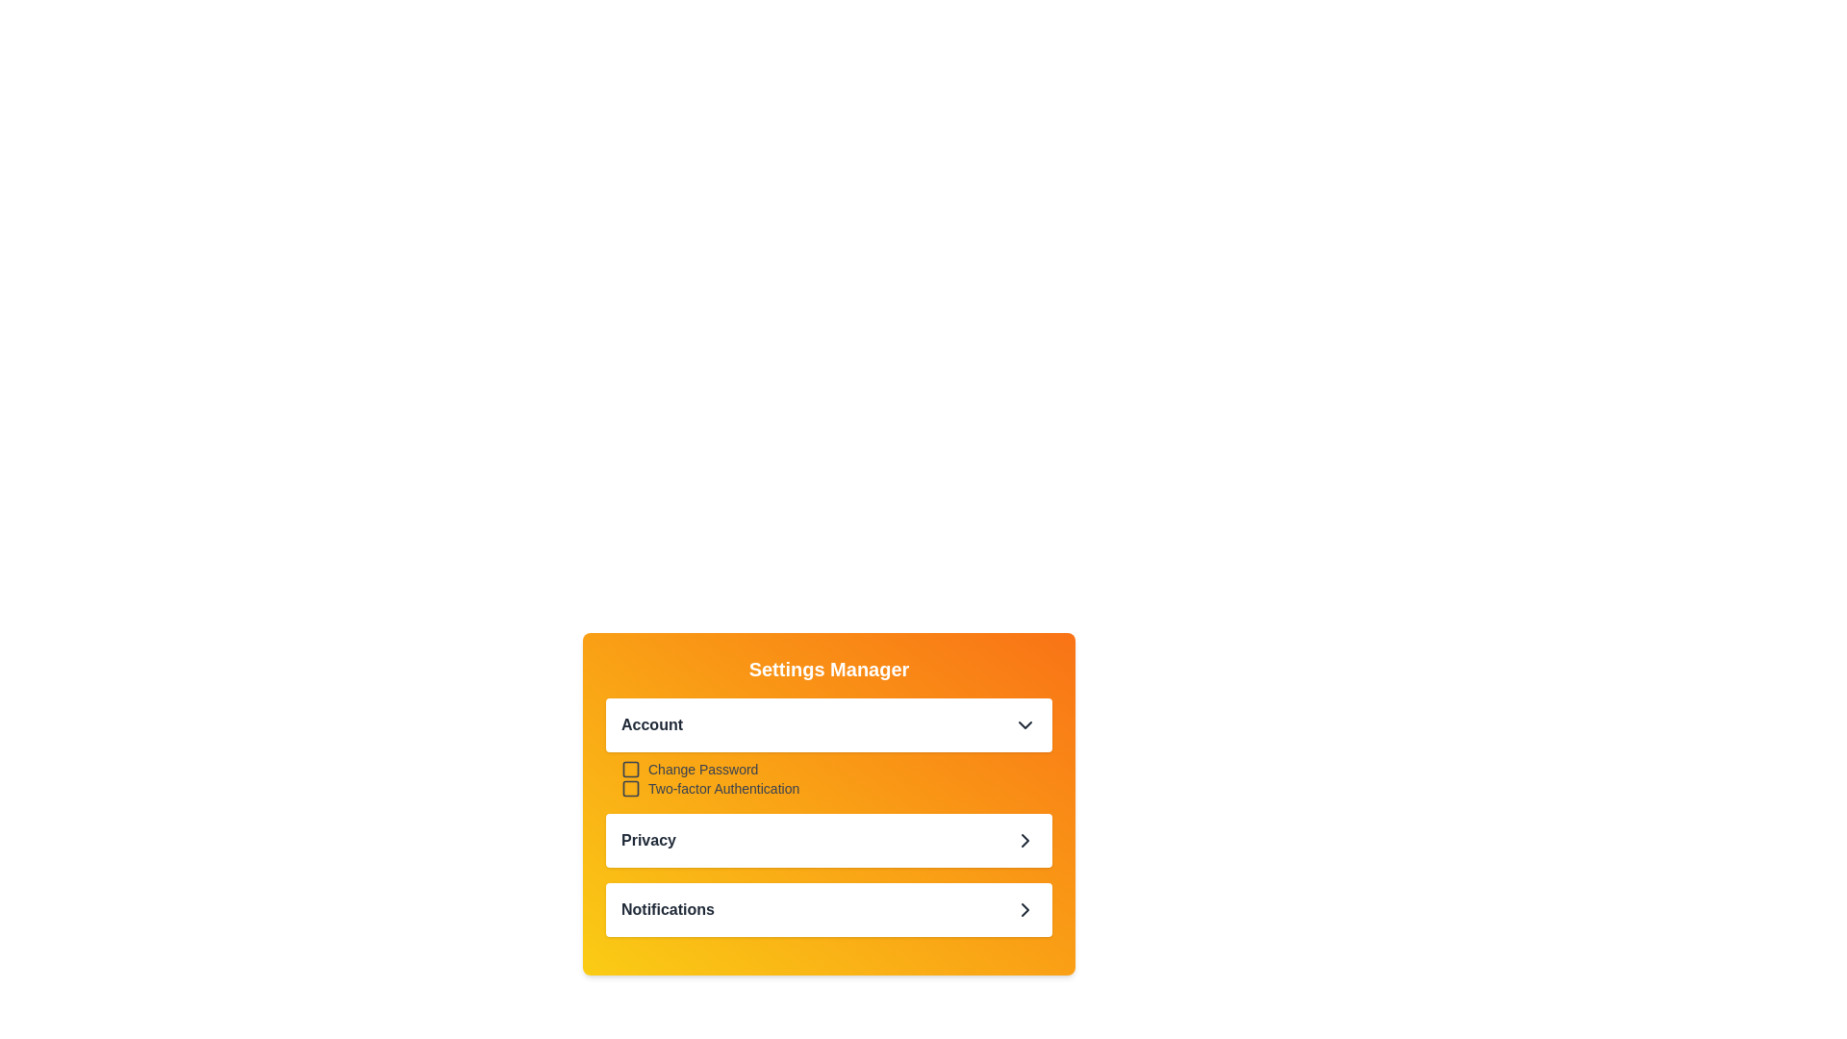  Describe the element at coordinates (1024, 724) in the screenshot. I see `the downward-facing chevron icon in the 'Account' section of the settings panel` at that location.